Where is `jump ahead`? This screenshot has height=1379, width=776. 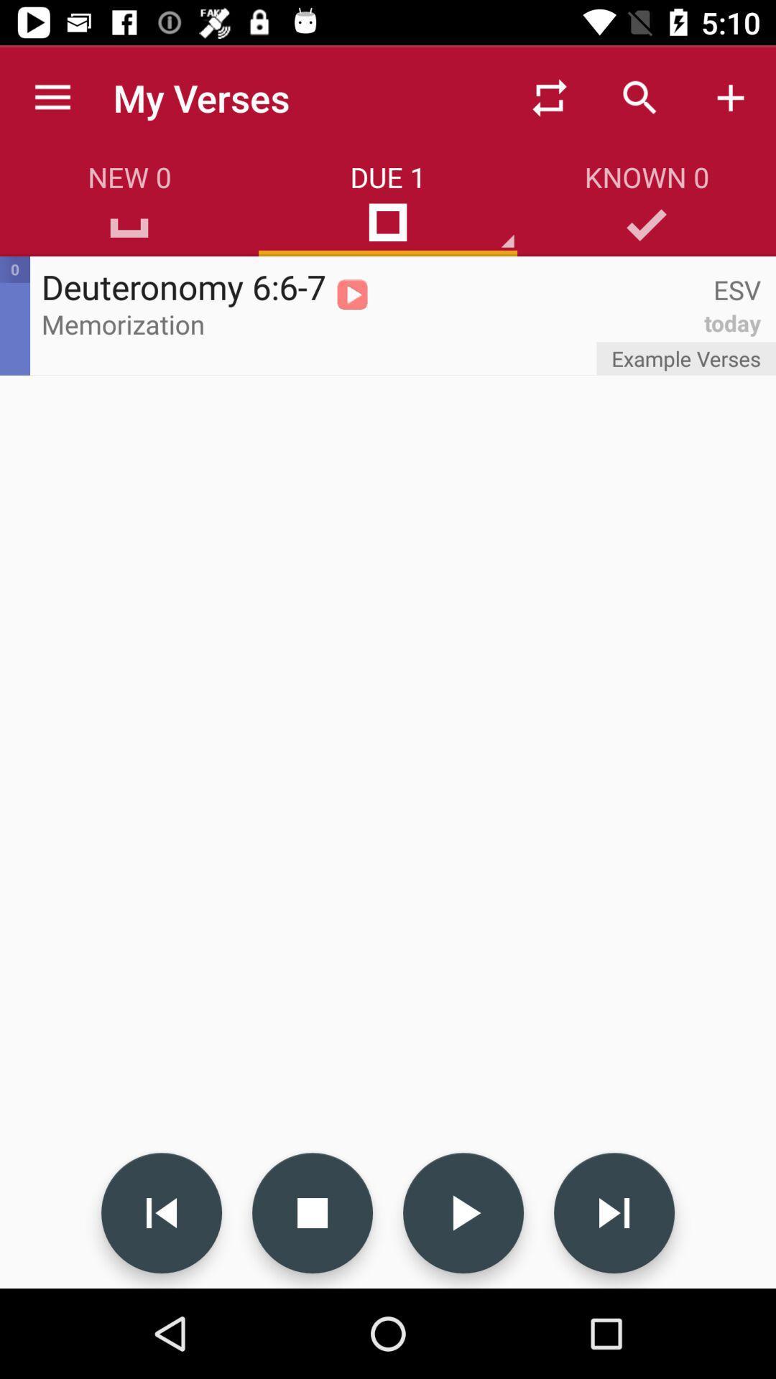
jump ahead is located at coordinates (614, 1212).